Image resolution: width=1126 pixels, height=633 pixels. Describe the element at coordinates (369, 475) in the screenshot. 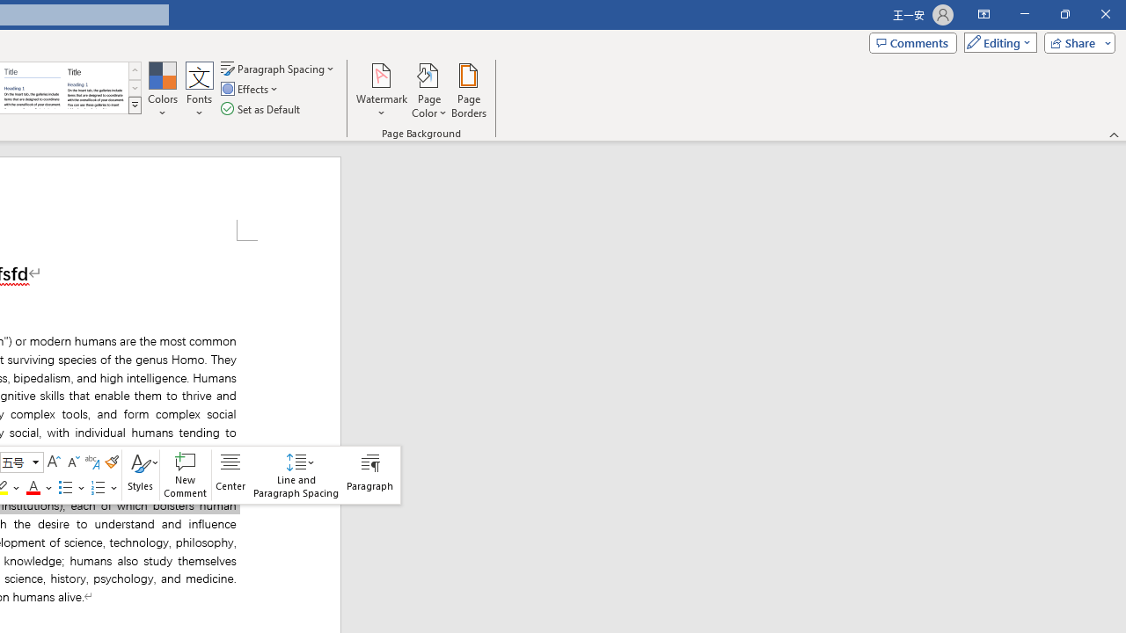

I see `'Paragraph...'` at that location.